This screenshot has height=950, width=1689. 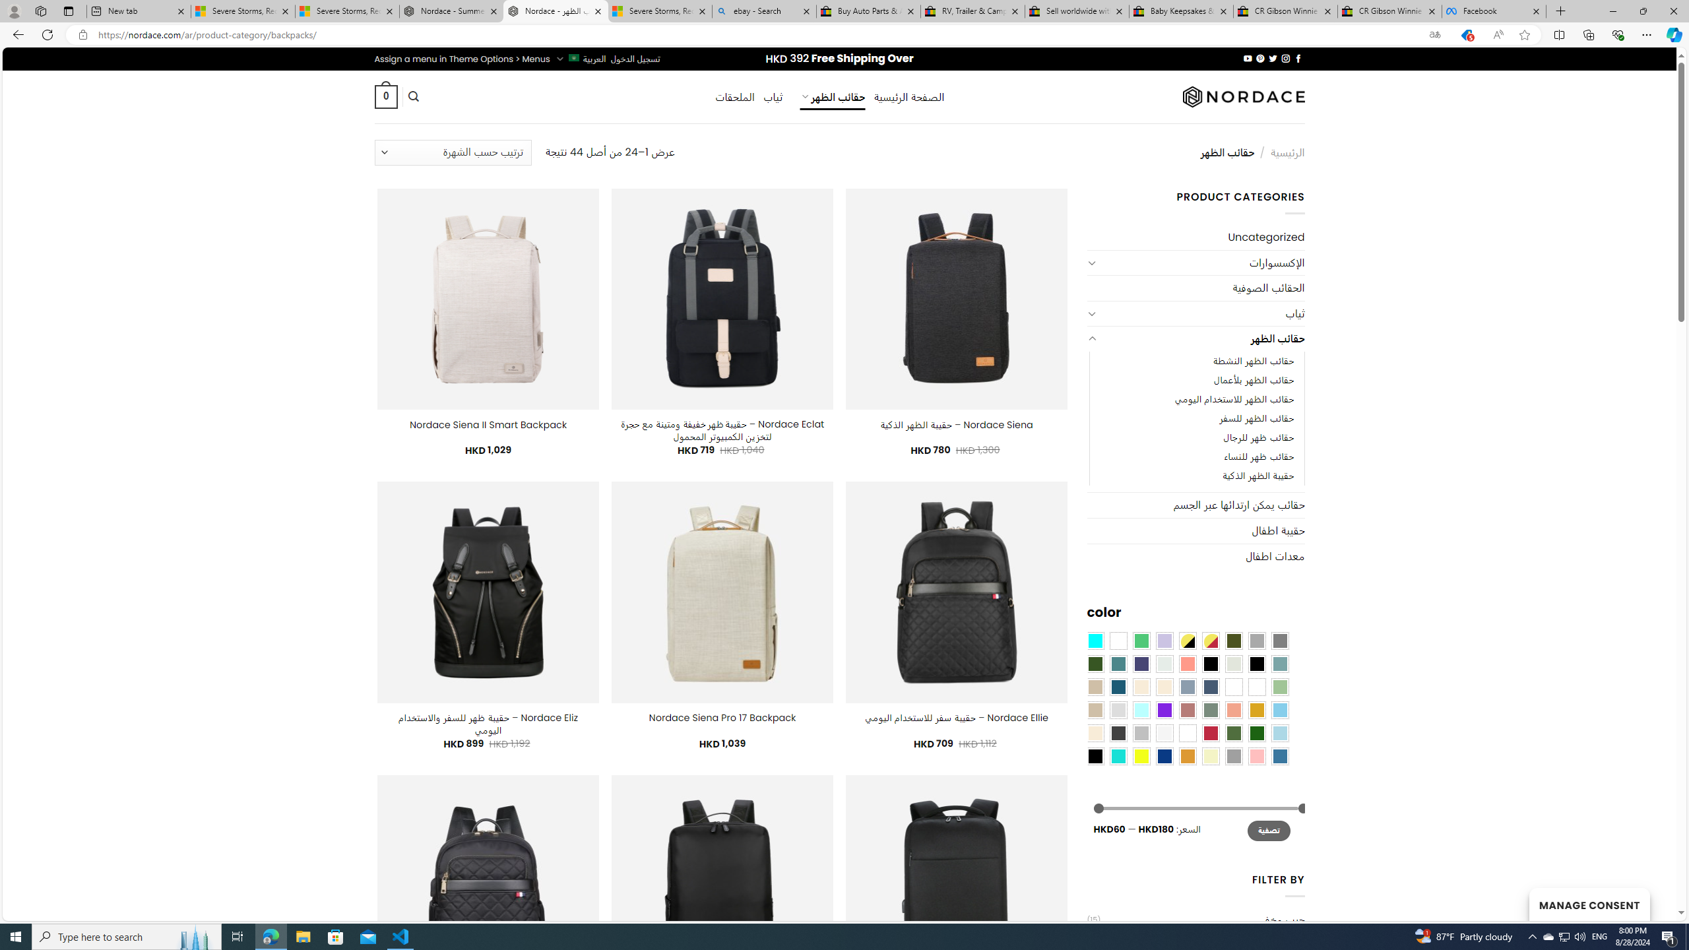 What do you see at coordinates (867, 11) in the screenshot?
I see `'Buy Auto Parts & Accessories | eBay'` at bounding box center [867, 11].